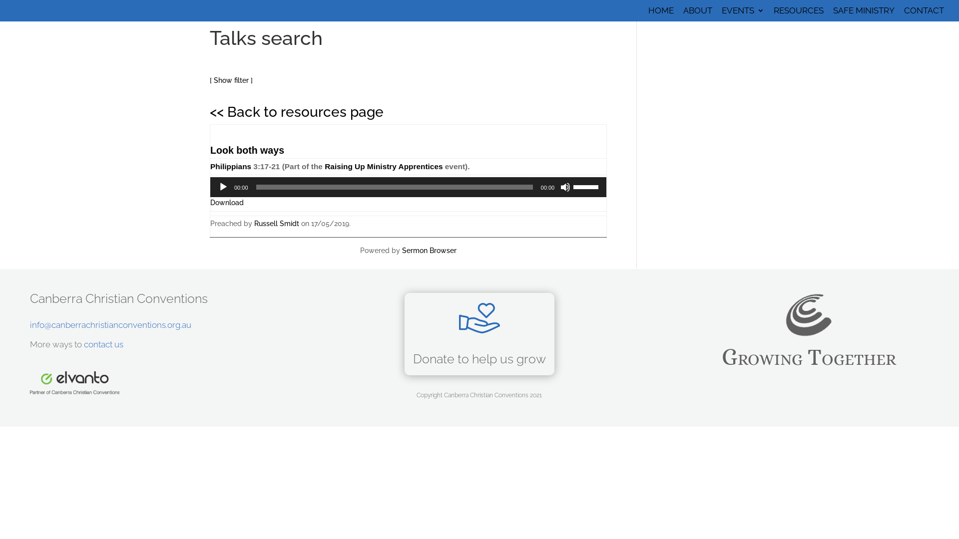  Describe the element at coordinates (697, 13) in the screenshot. I see `'ABOUT'` at that location.